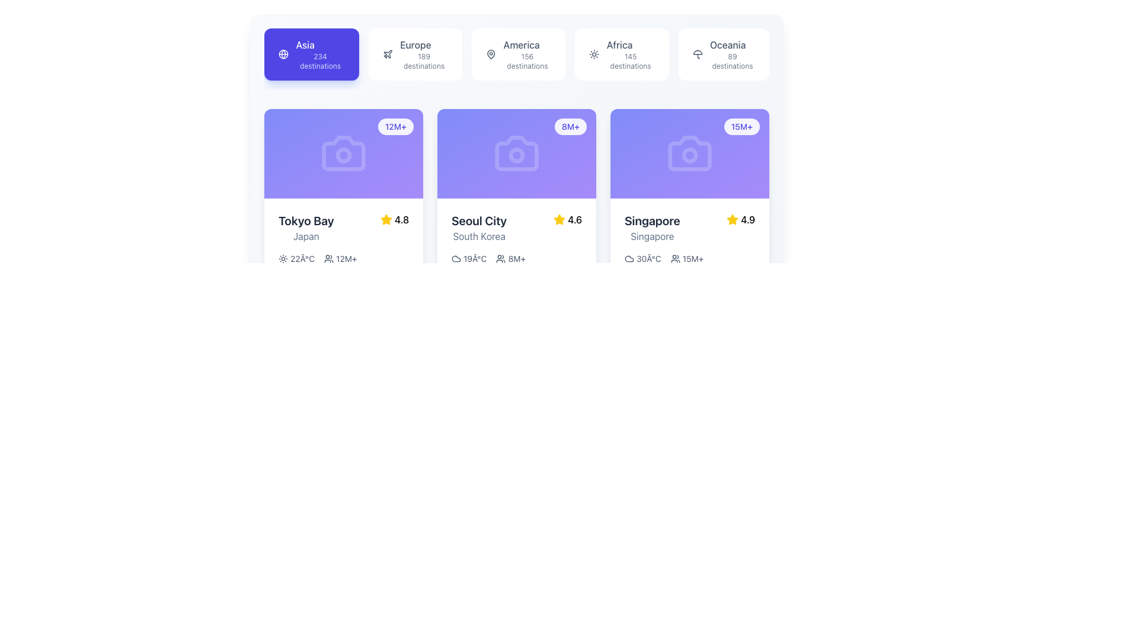  I want to click on the clickable panel element displaying 'Asia' with the smaller text '234 destinations' on a purple background, so click(320, 55).